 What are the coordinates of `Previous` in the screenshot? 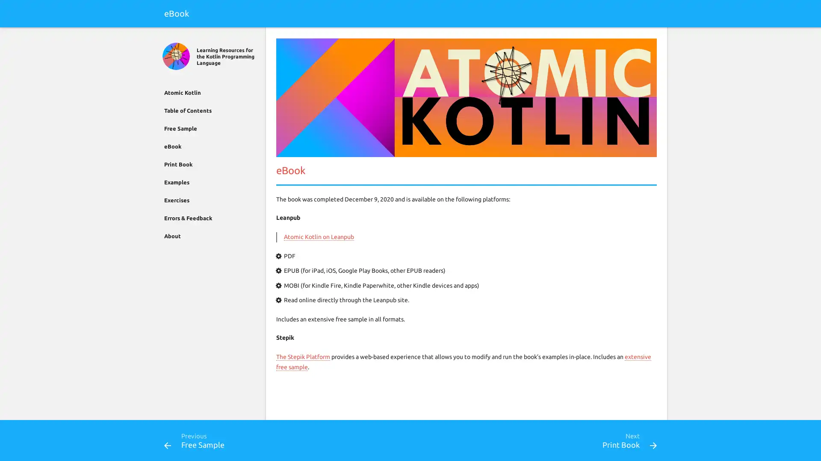 It's located at (168, 445).